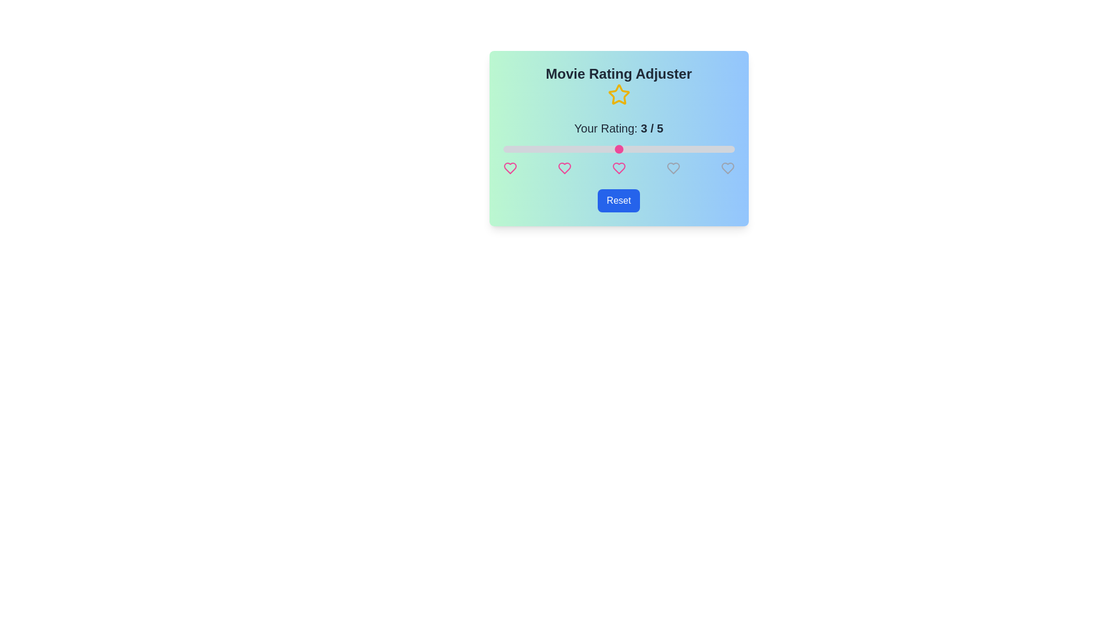  I want to click on the reset button to reset the rating, so click(618, 200).